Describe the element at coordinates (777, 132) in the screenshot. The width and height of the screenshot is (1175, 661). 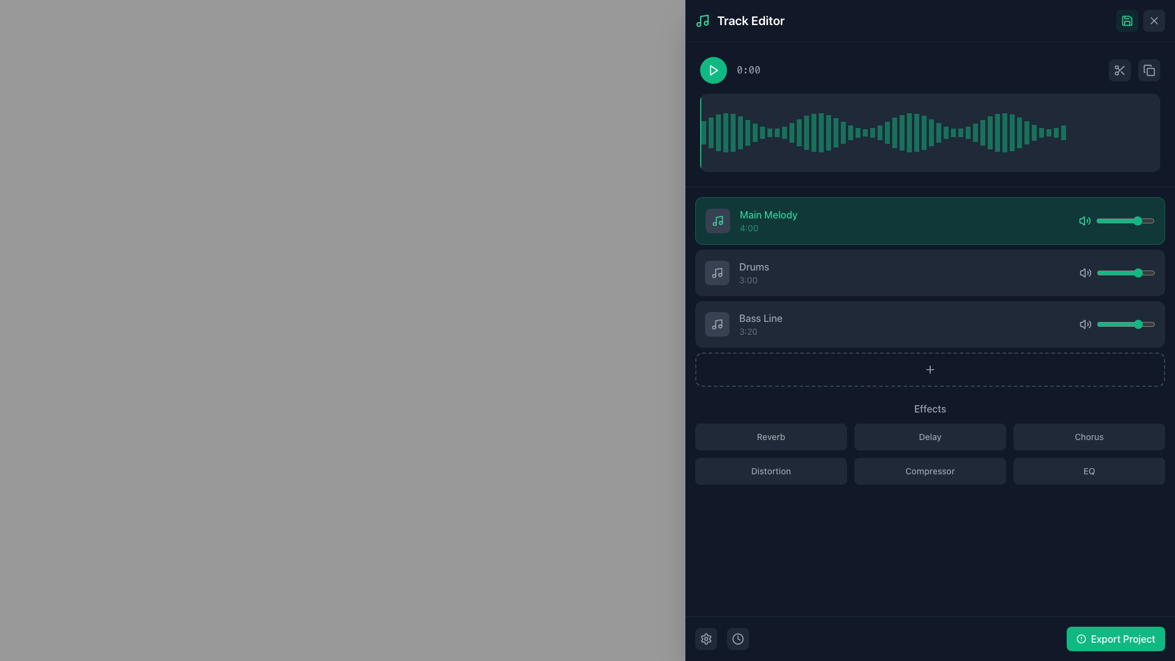
I see `the 11th light green translucent vertical bar in the waveform display` at that location.